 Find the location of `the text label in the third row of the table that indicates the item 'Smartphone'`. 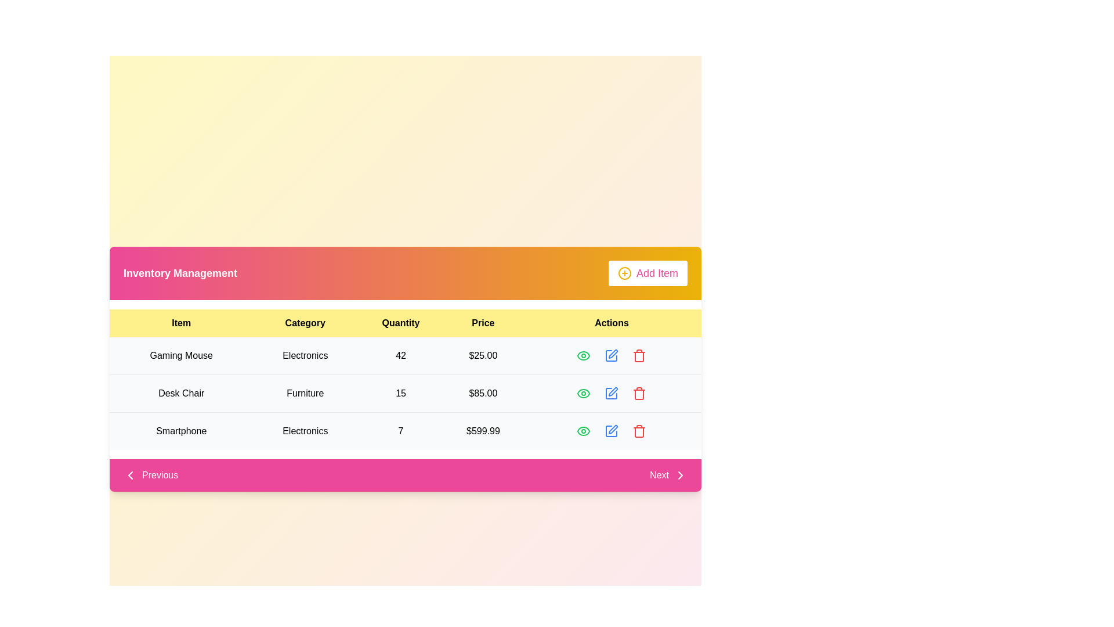

the text label in the third row of the table that indicates the item 'Smartphone' is located at coordinates (180, 431).